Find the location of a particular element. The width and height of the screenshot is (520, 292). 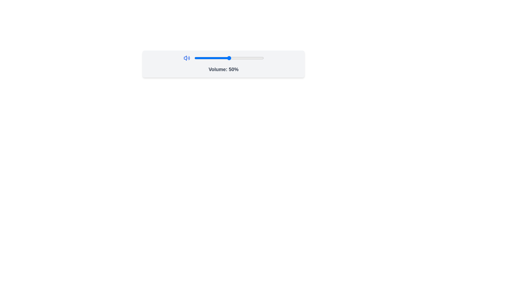

the volume is located at coordinates (232, 58).